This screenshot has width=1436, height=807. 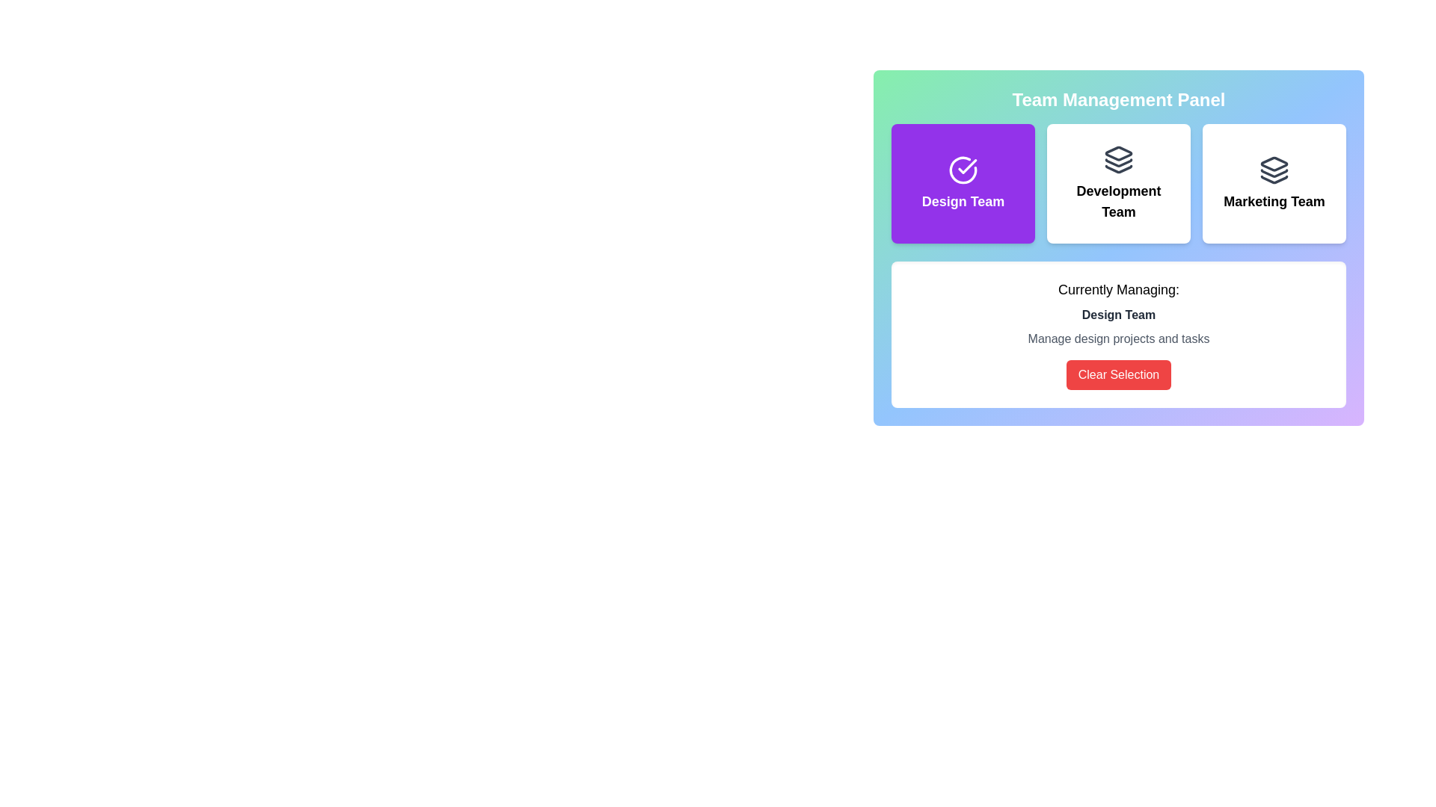 I want to click on the 'Marketing Team' icon in the Team Management Panel, which is the topmost layer of the three-layered icon located to the far right of the options, so click(x=1274, y=164).